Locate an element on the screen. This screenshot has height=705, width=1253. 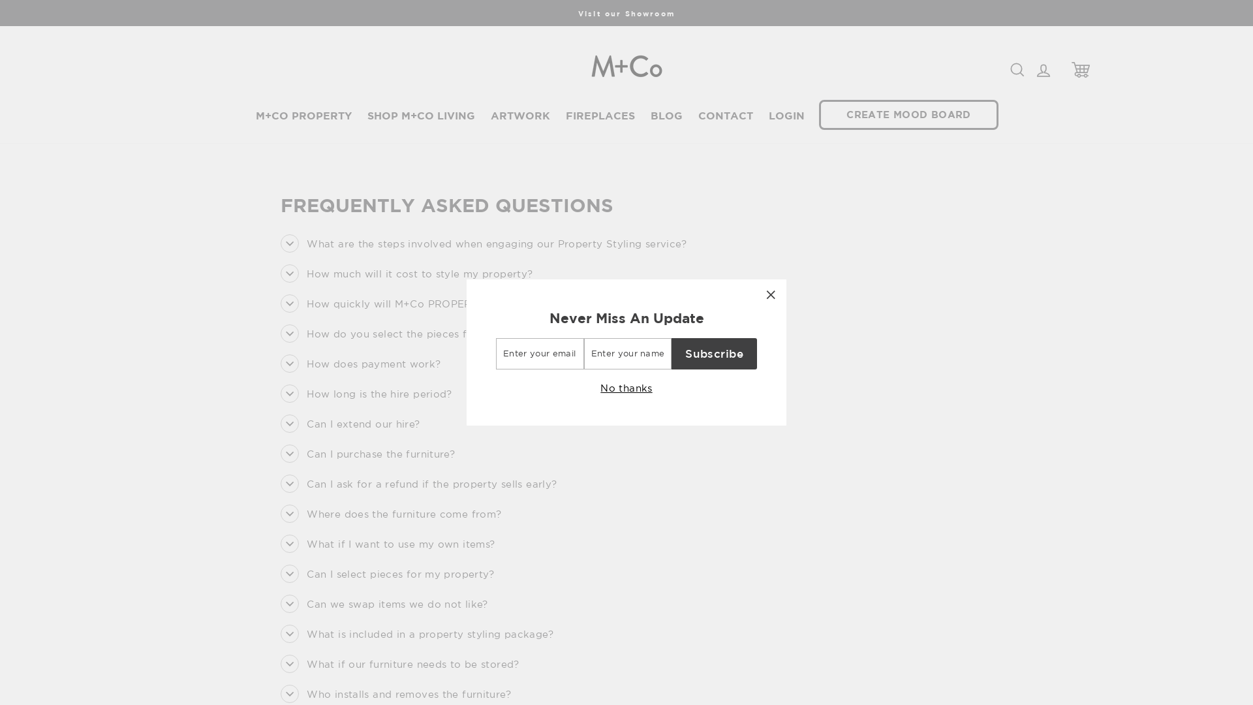
'SEARCH' is located at coordinates (1017, 69).